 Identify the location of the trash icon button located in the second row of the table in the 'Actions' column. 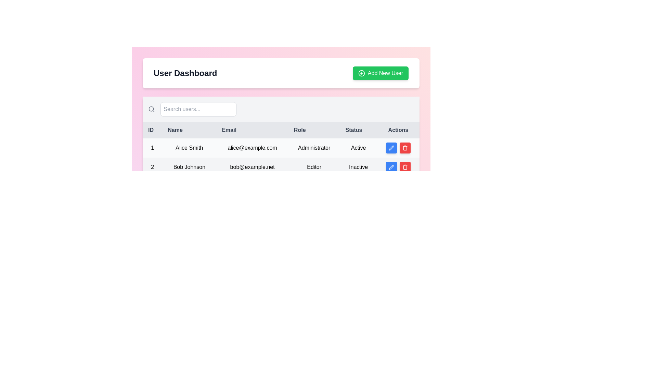
(405, 167).